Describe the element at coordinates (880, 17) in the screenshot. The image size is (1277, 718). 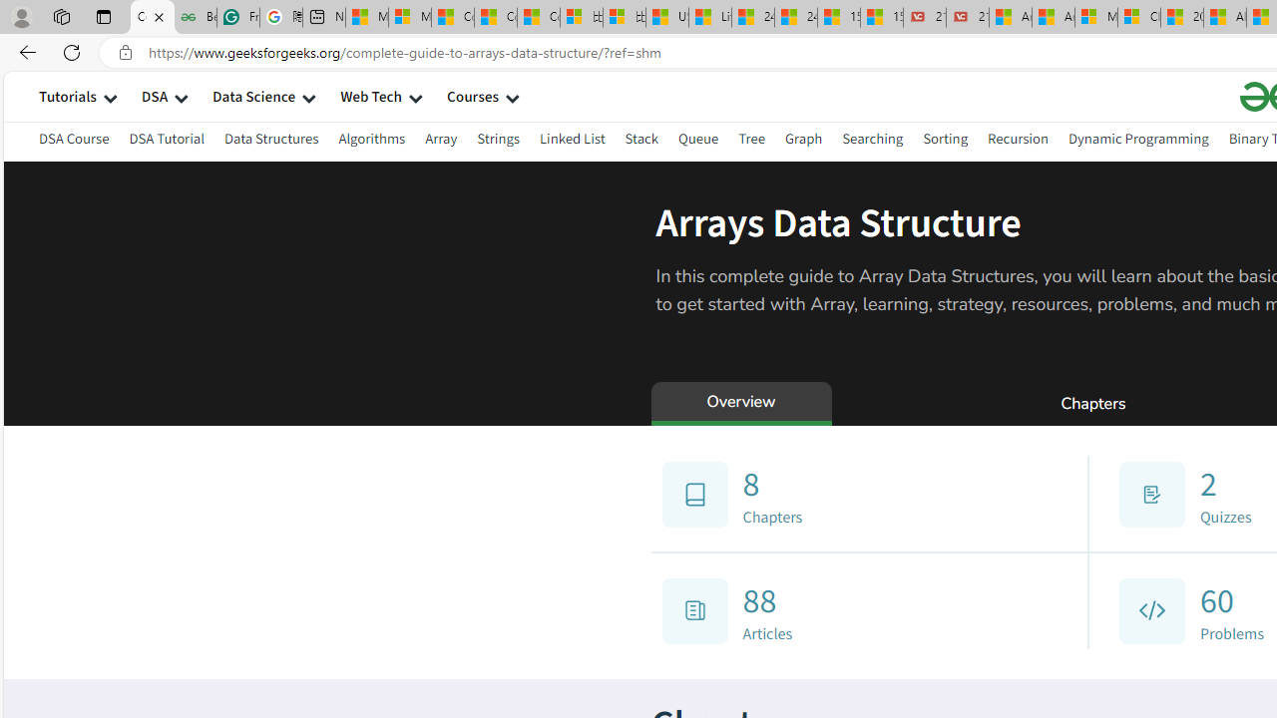
I see `'15 Ways Modern Life Contradicts the Teachings of Jesus'` at that location.